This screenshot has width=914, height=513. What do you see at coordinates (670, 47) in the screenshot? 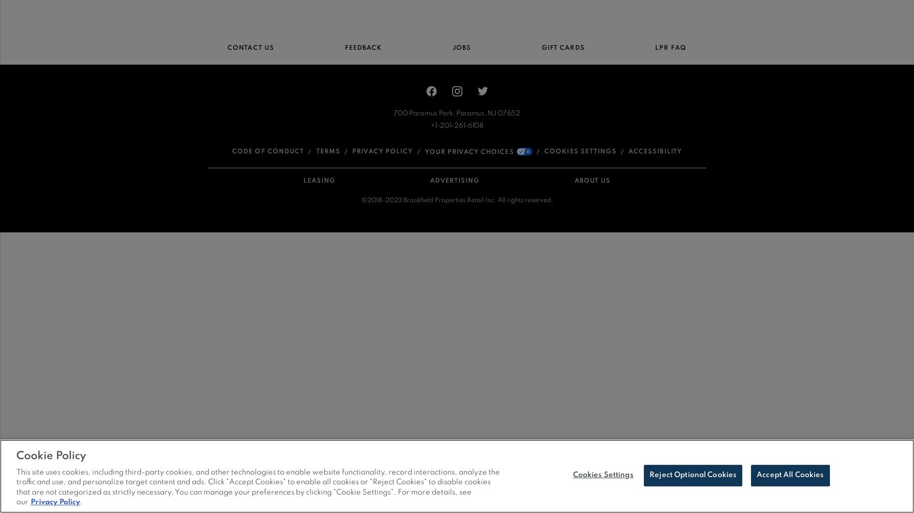
I see `'LPR FAQ'` at bounding box center [670, 47].